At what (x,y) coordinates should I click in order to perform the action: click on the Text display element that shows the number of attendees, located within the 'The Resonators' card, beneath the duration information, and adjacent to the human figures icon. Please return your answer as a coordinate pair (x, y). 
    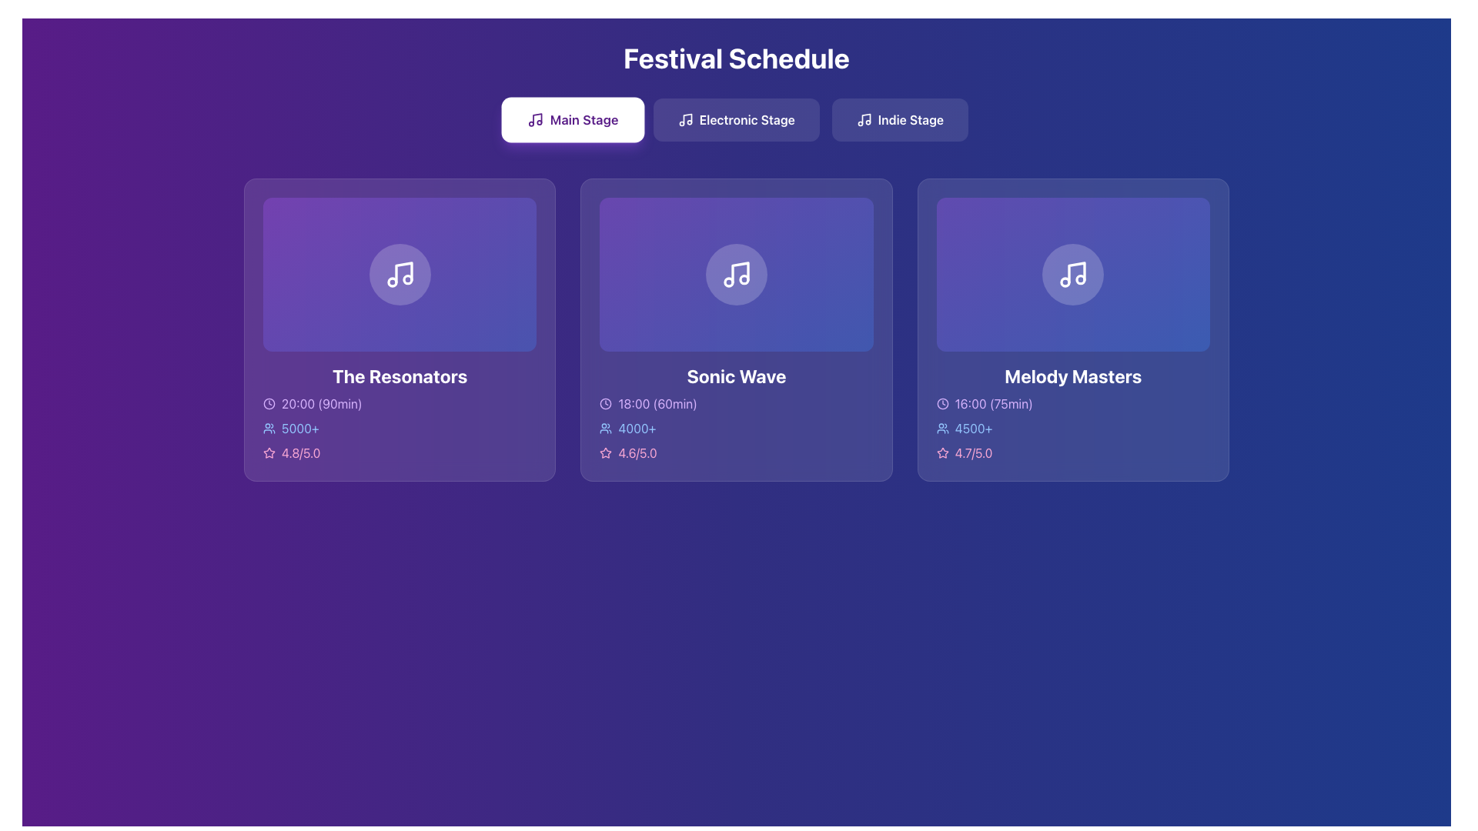
    Looking at the image, I should click on (300, 428).